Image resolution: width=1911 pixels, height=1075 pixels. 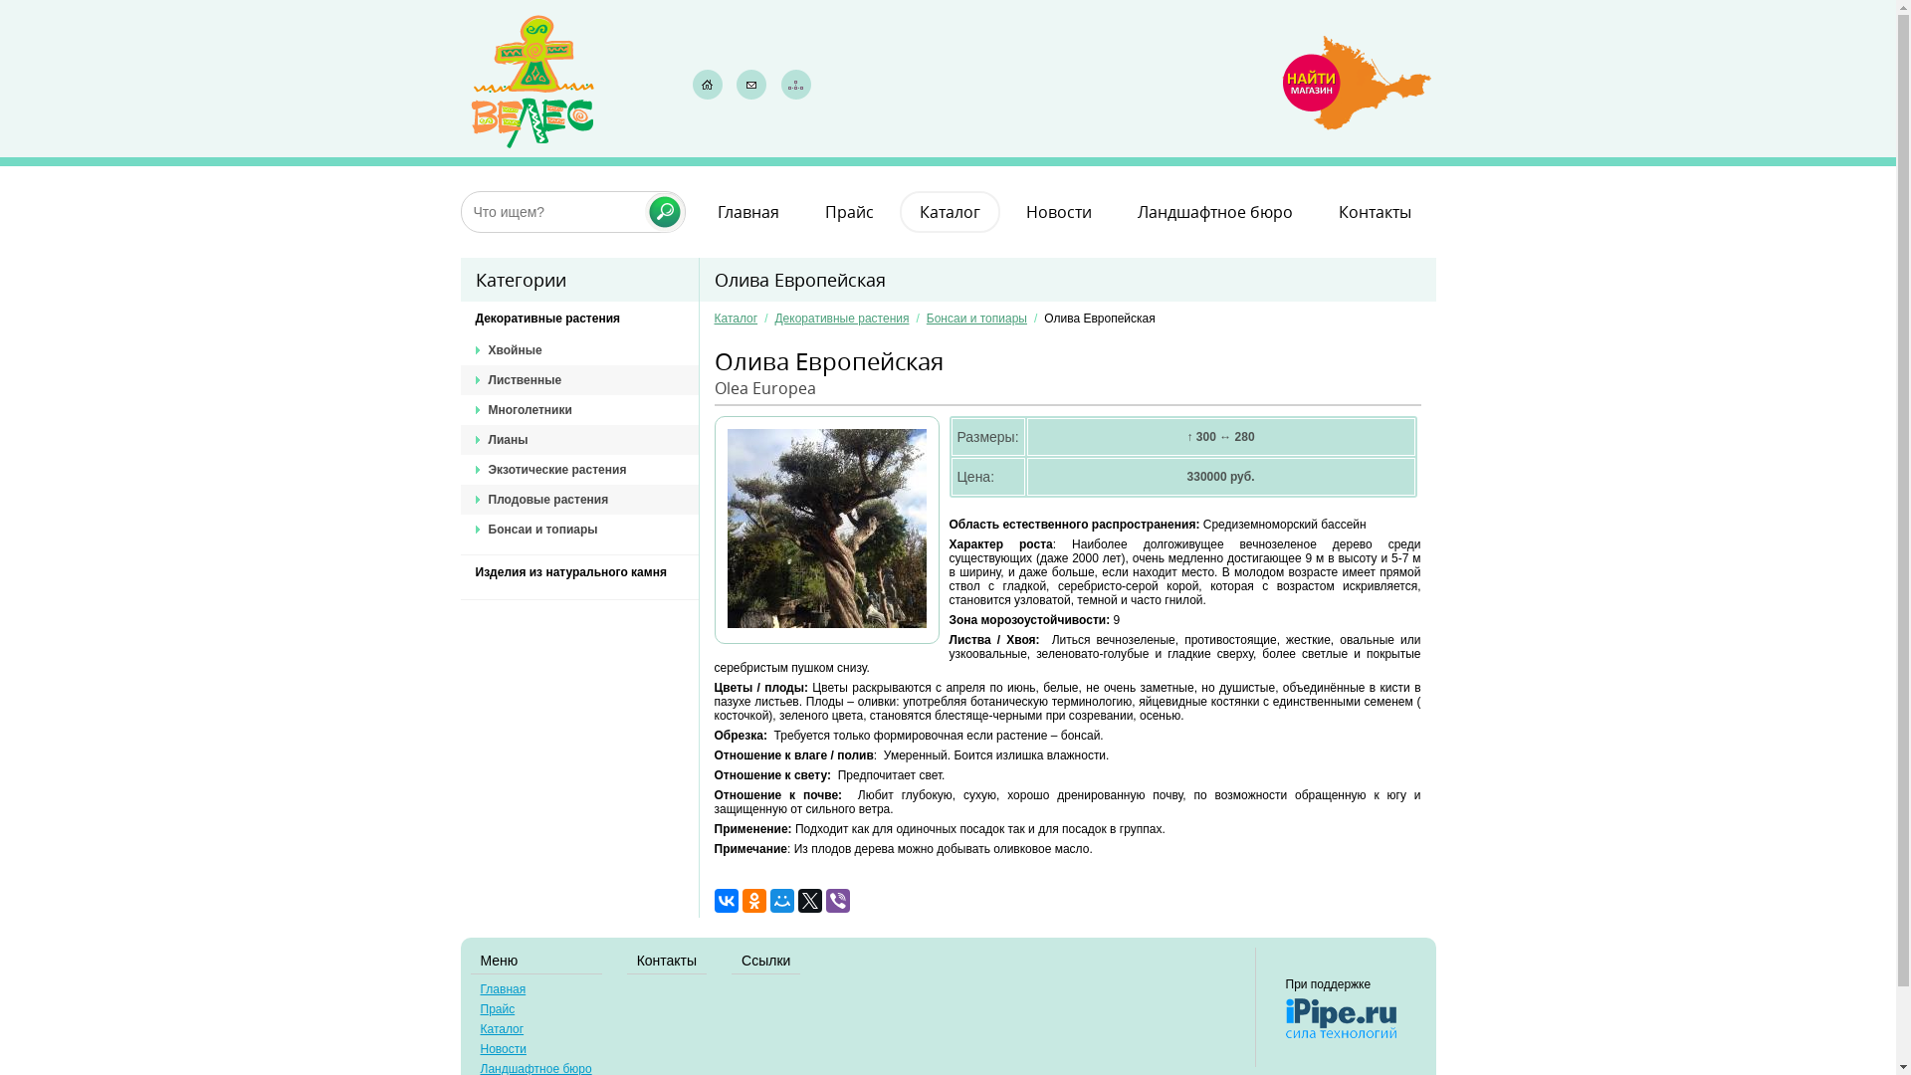 I want to click on 'Twitter', so click(x=797, y=901).